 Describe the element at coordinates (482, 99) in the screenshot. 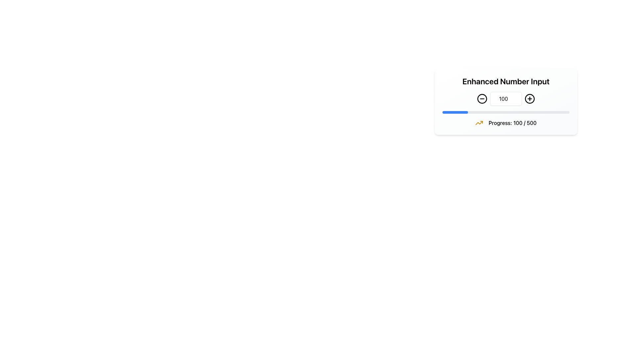

I see `the circular icon button with a minus symbol, which is part of a numeric input interface` at that location.